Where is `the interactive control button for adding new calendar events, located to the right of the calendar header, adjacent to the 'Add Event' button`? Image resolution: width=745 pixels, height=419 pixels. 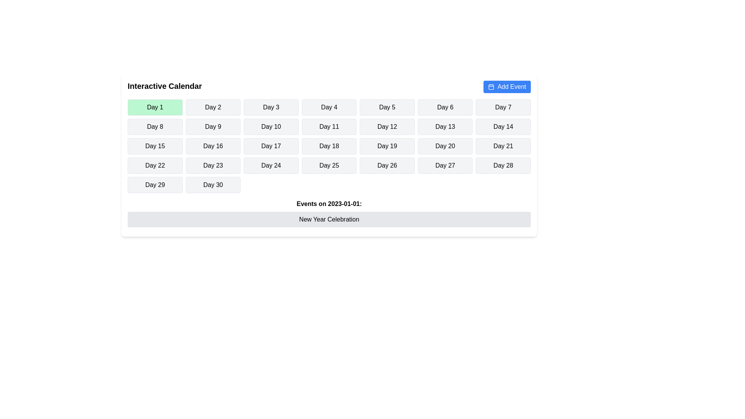 the interactive control button for adding new calendar events, located to the right of the calendar header, adjacent to the 'Add Event' button is located at coordinates (491, 87).